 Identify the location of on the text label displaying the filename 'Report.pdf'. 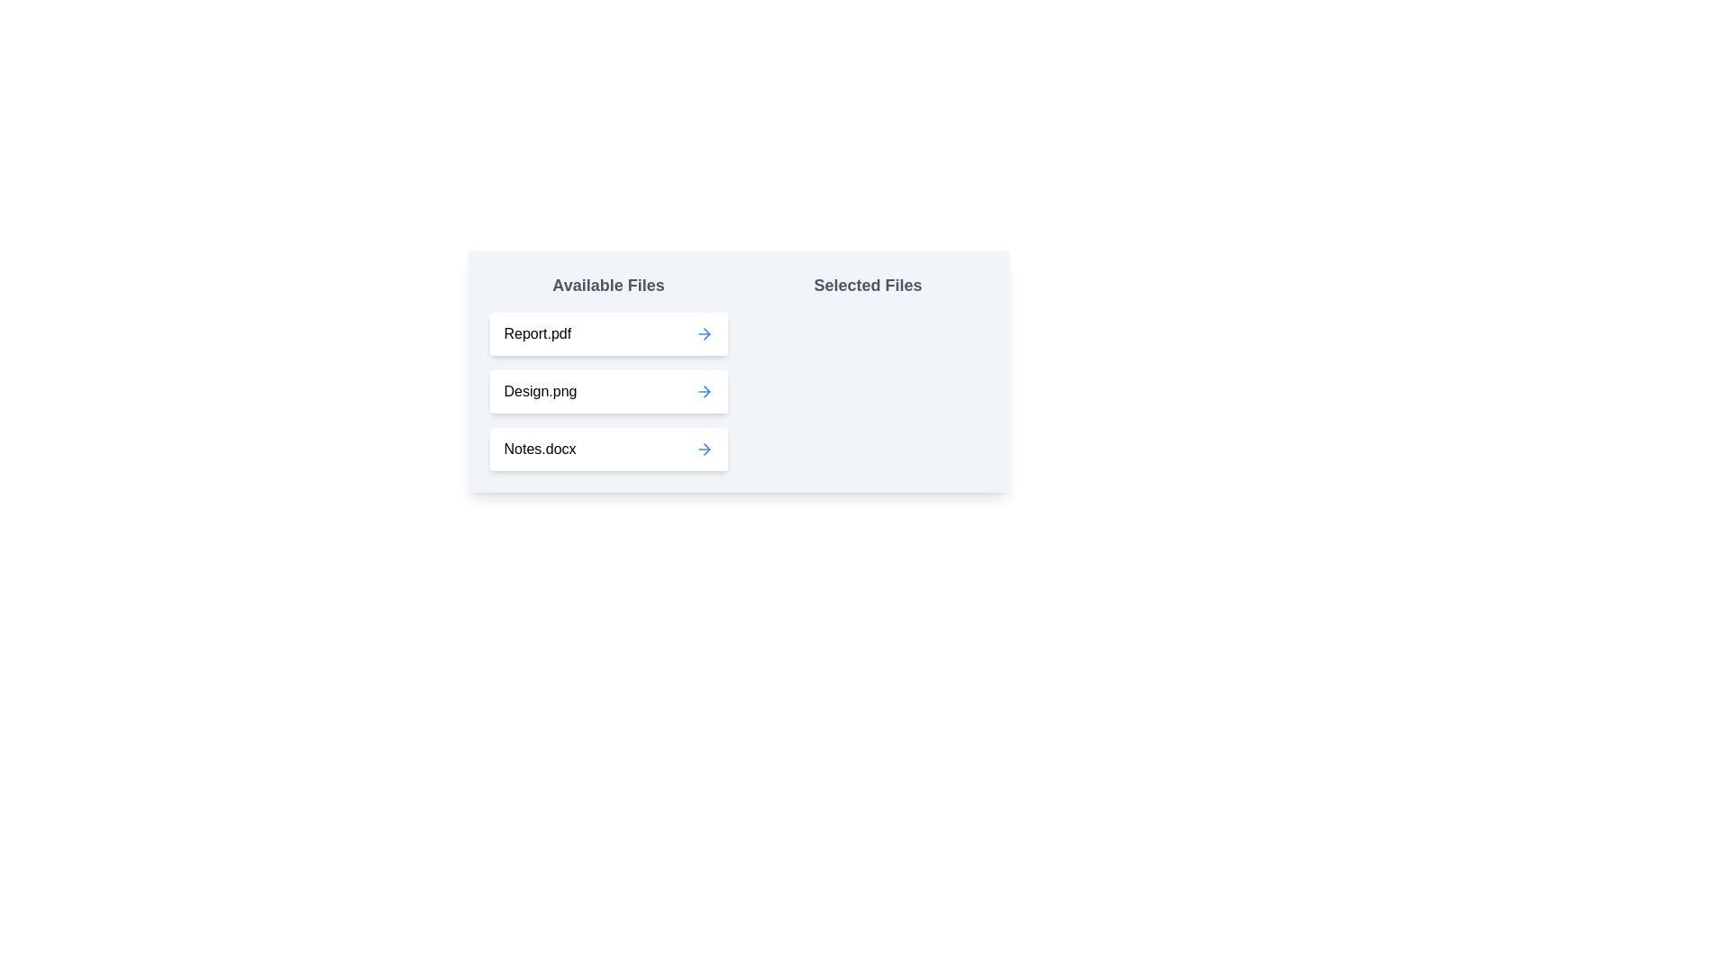
(536, 333).